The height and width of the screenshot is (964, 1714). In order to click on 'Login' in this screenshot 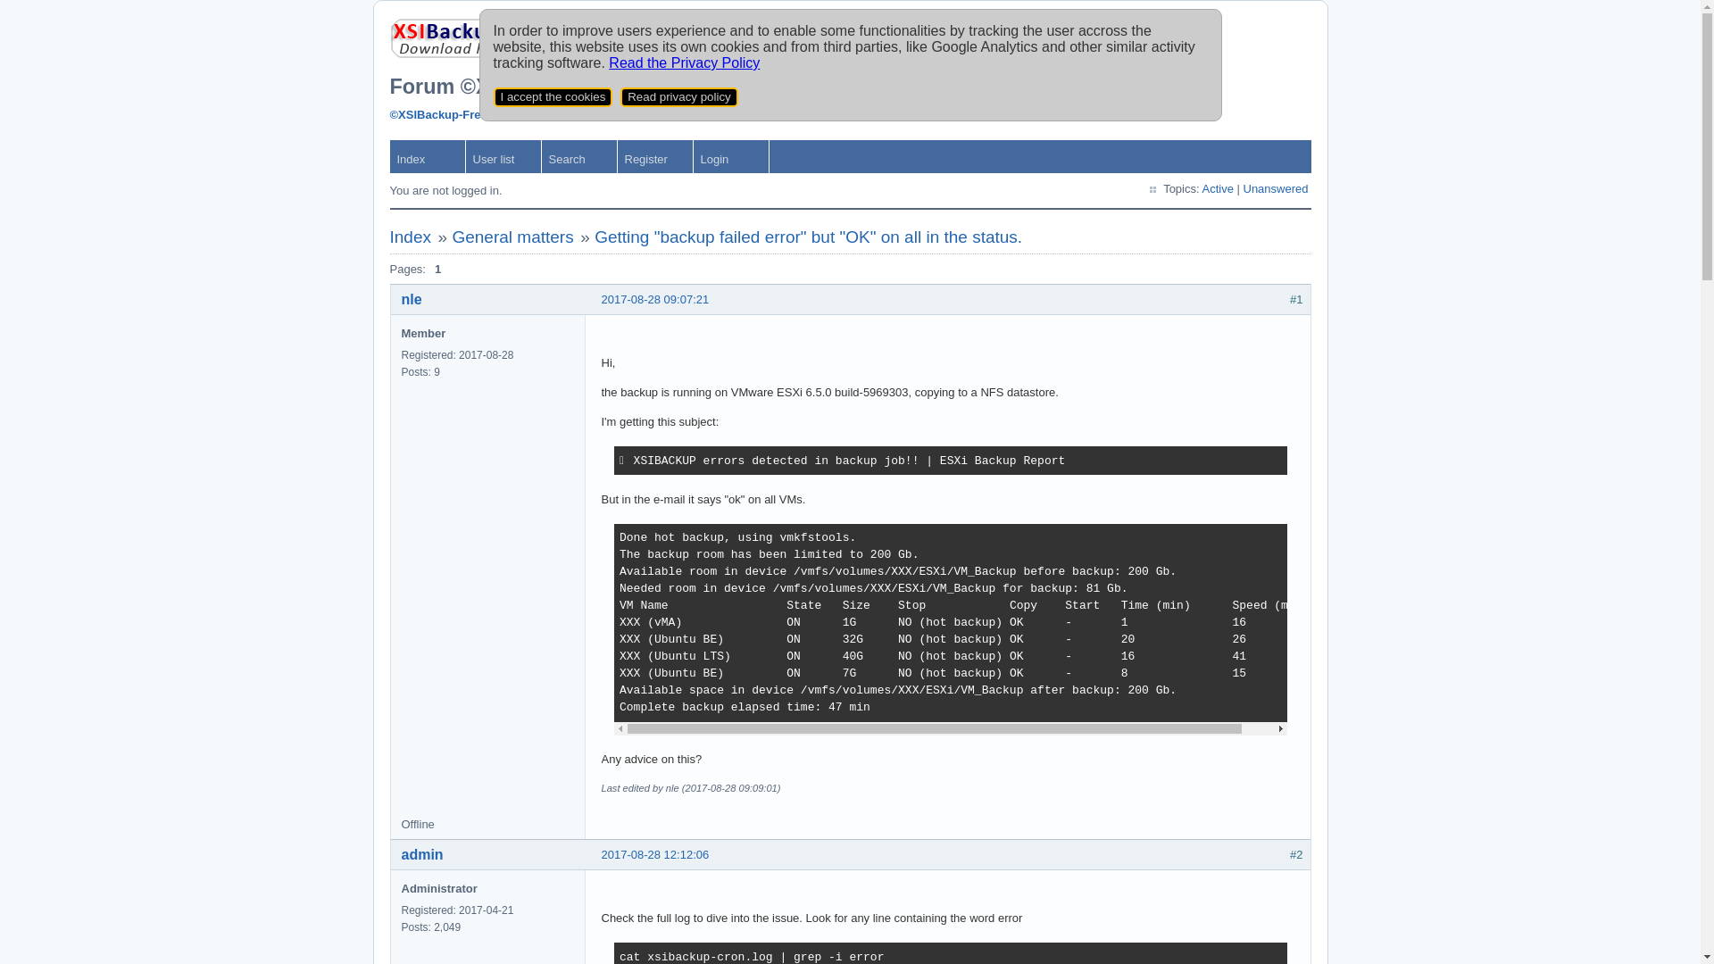, I will do `click(730, 155)`.